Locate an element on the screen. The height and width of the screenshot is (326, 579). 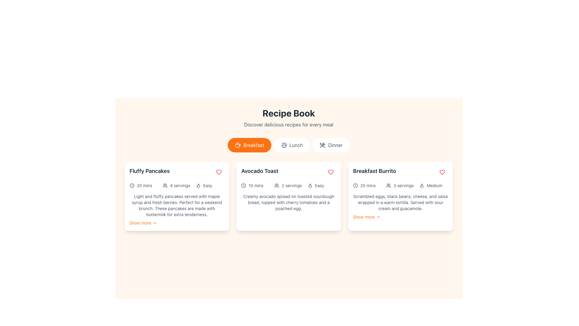
the flame icon located in the top-right section of the 'Avocado Toast' recipe card, which indicates the heat or difficulty level of the recipe is located at coordinates (310, 185).